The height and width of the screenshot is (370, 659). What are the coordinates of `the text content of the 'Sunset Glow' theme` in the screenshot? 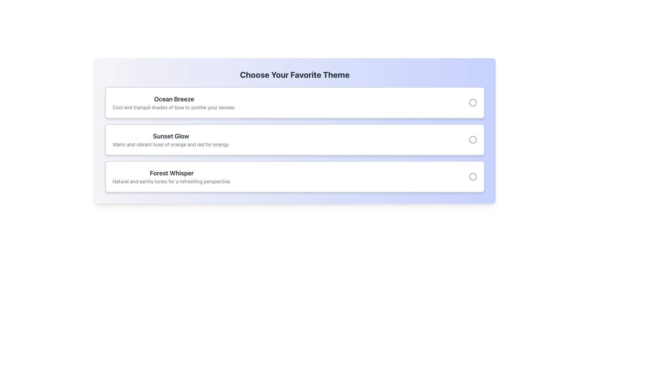 It's located at (171, 139).